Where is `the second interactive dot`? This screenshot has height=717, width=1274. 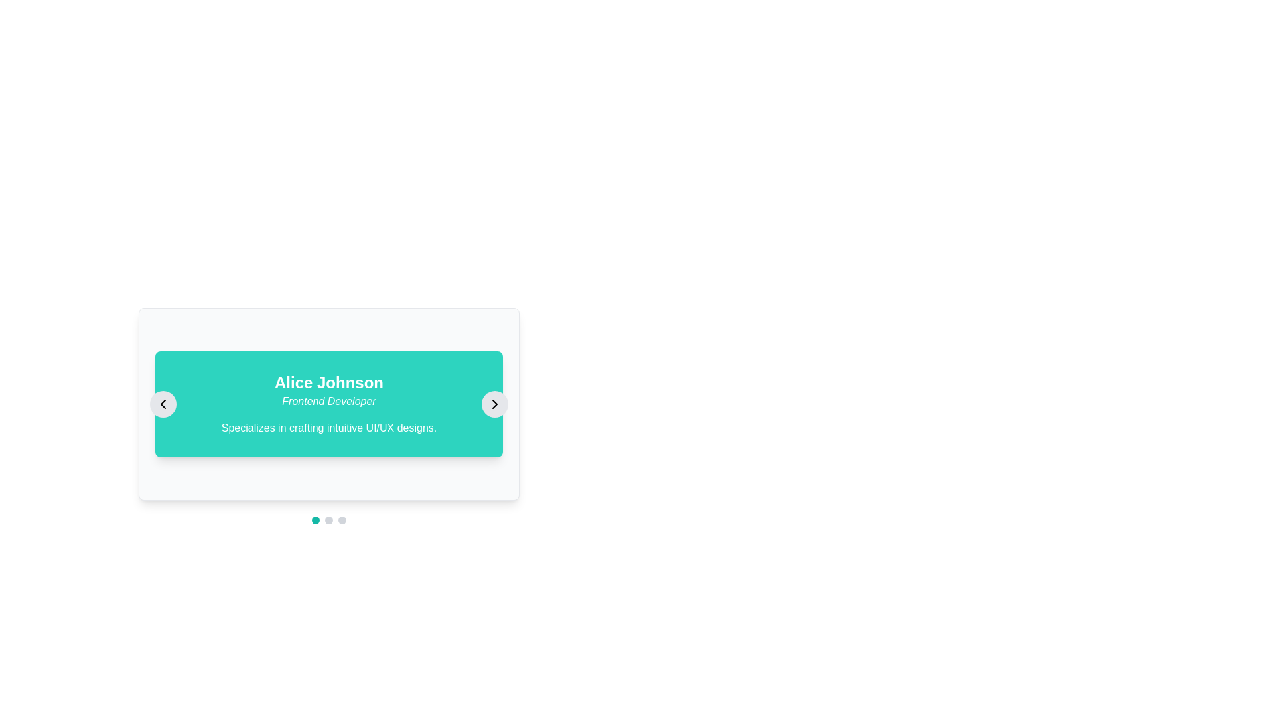 the second interactive dot is located at coordinates (328, 519).